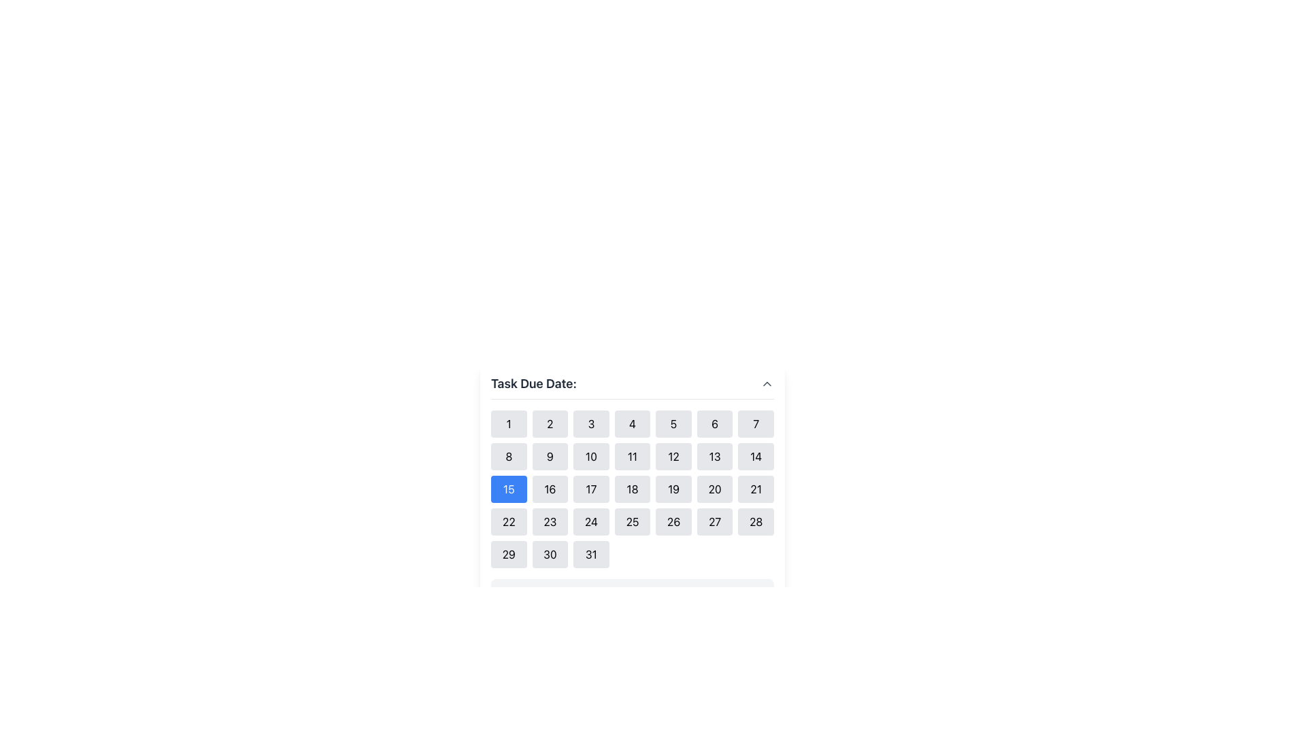  Describe the element at coordinates (550, 423) in the screenshot. I see `the button labeled '2' in the calendar grid` at that location.